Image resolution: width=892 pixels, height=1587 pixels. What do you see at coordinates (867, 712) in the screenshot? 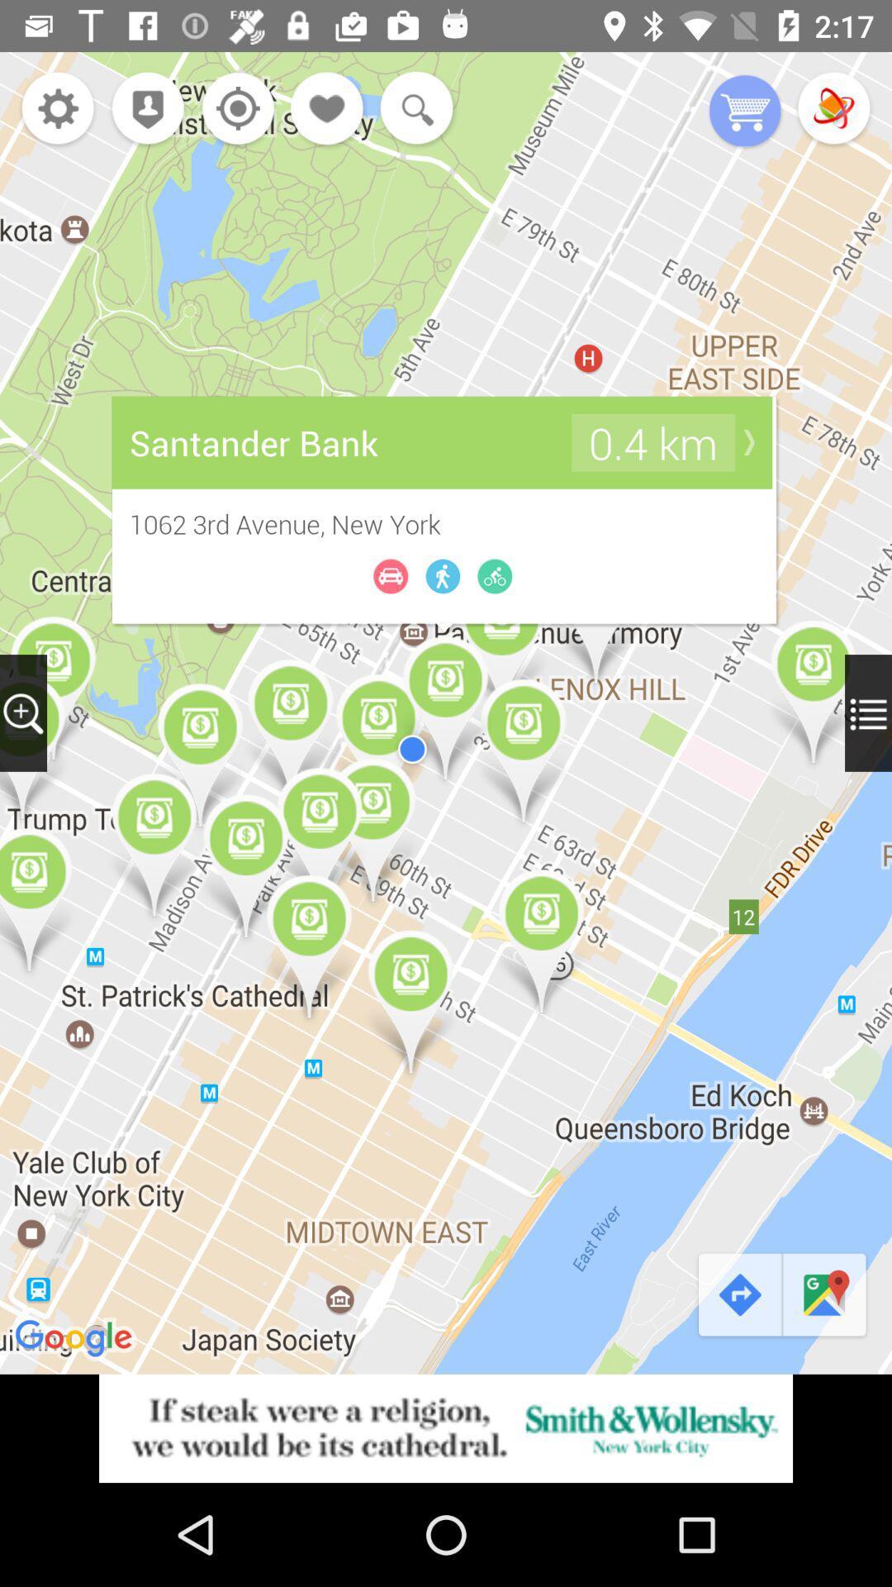
I see `the menu icon` at bounding box center [867, 712].